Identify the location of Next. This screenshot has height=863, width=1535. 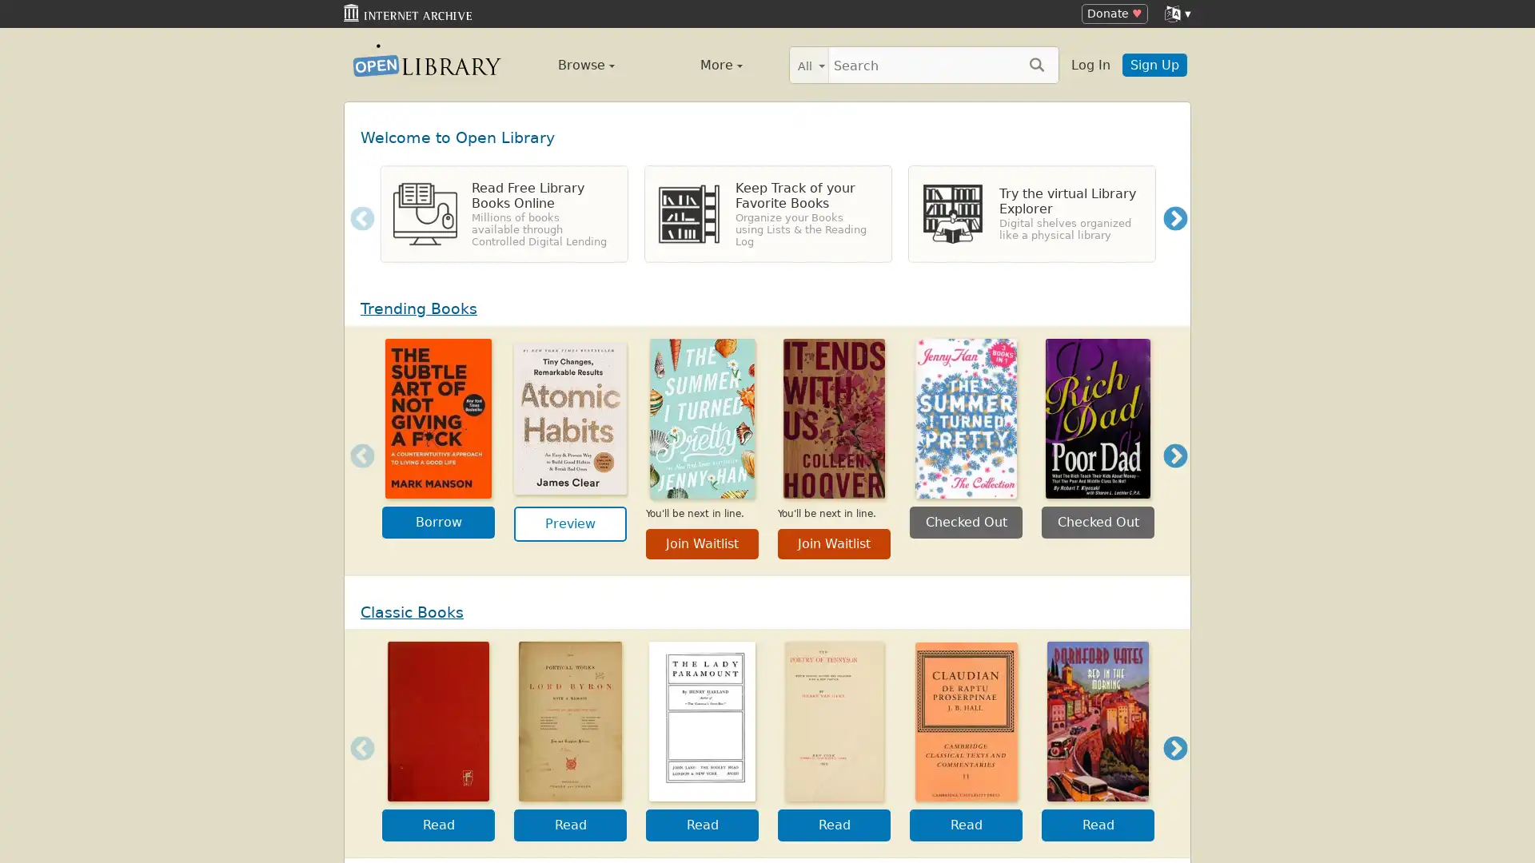
(1175, 749).